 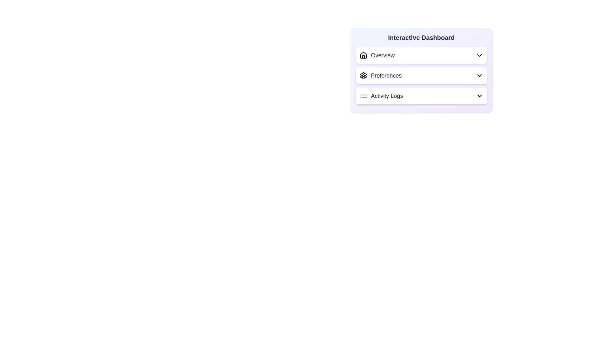 I want to click on the icon corresponding to the Activity Logs section, so click(x=363, y=96).